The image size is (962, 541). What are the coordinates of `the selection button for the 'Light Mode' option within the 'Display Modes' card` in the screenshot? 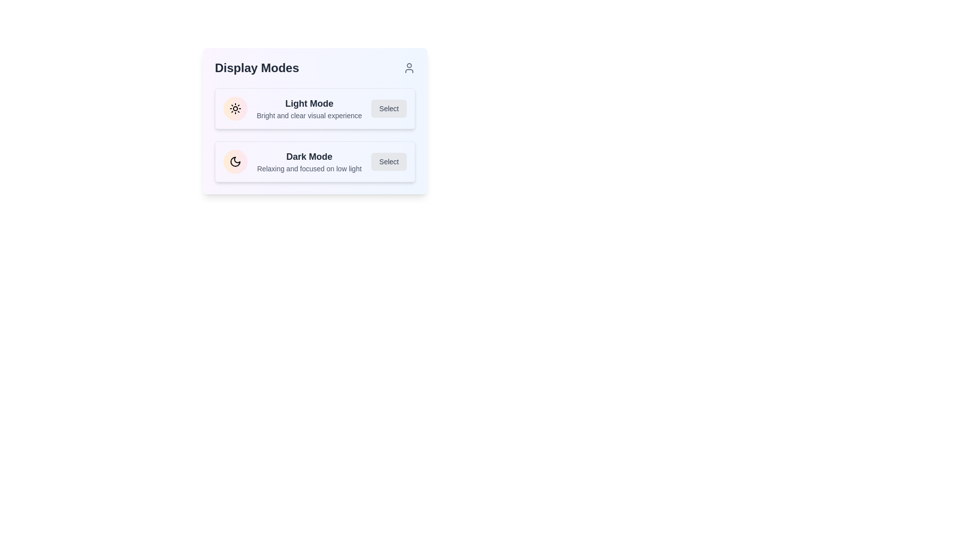 It's located at (388, 108).